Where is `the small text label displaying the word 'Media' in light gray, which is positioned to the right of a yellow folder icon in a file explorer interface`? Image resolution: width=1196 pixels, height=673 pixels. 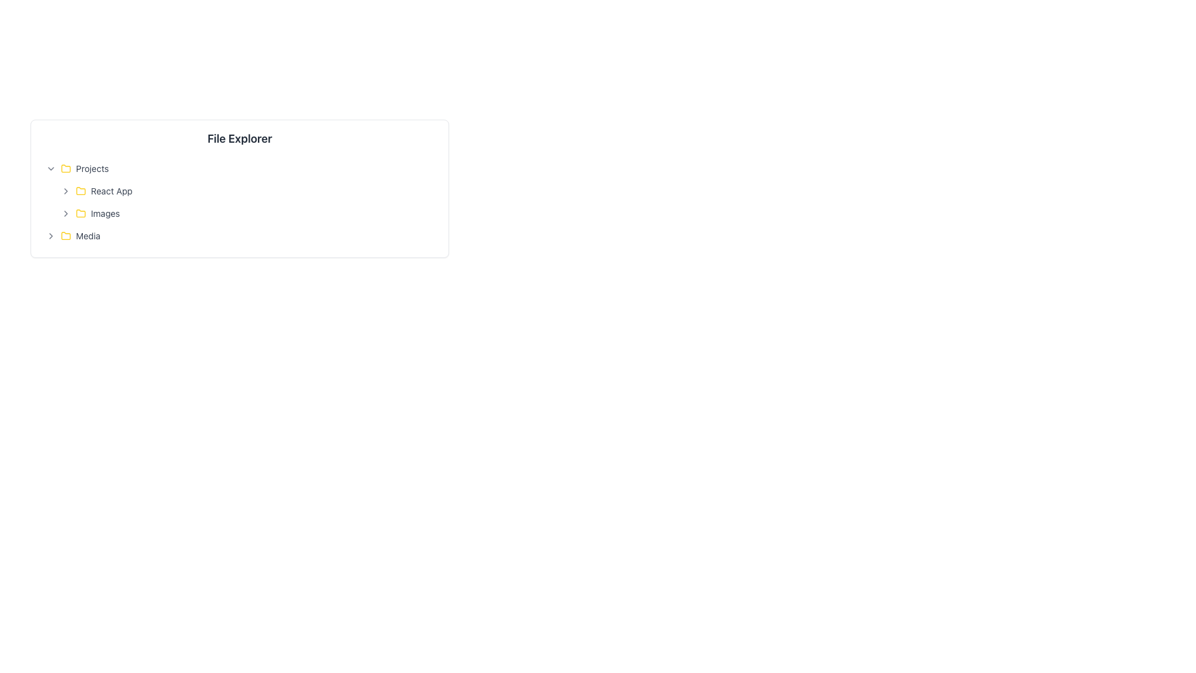
the small text label displaying the word 'Media' in light gray, which is positioned to the right of a yellow folder icon in a file explorer interface is located at coordinates (87, 236).